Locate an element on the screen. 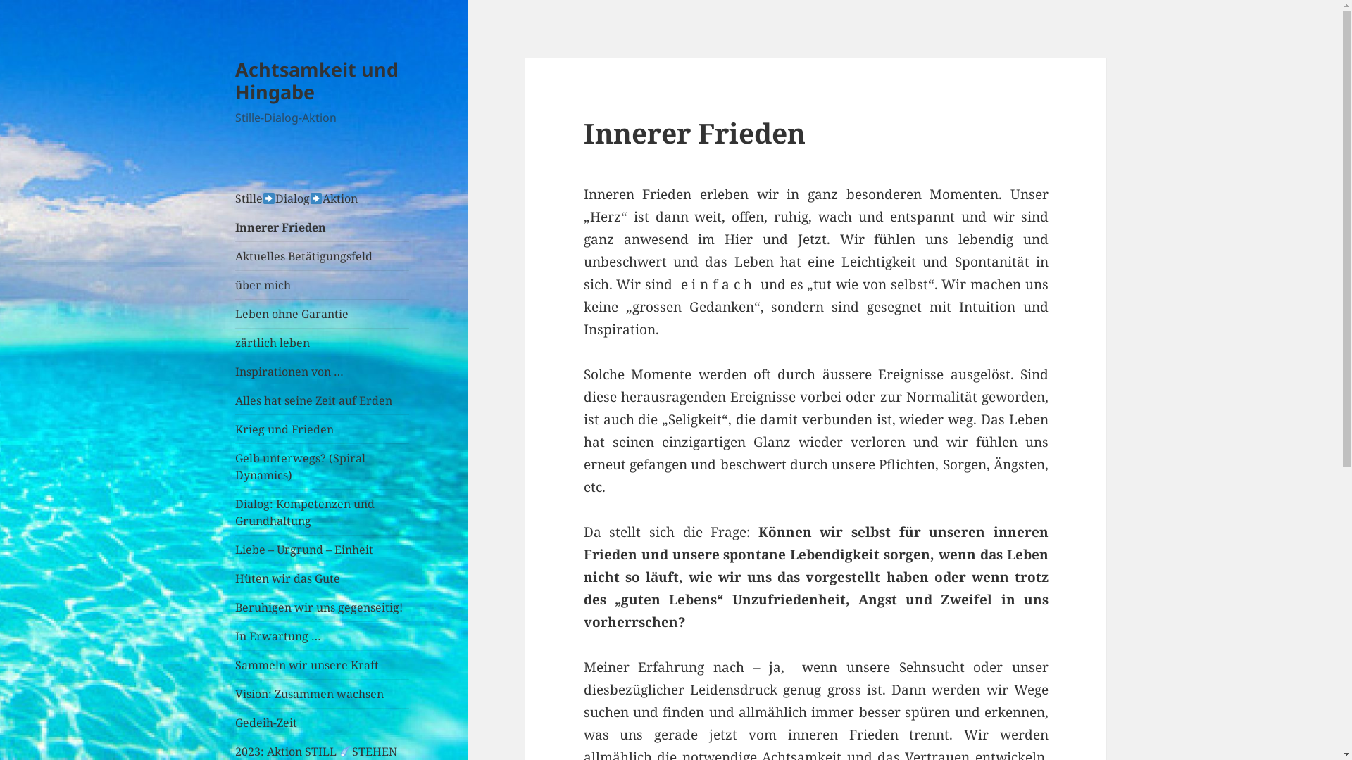 This screenshot has width=1352, height=760. 'Gelb unterwegs? (Spiral Dynamics)' is located at coordinates (235, 467).